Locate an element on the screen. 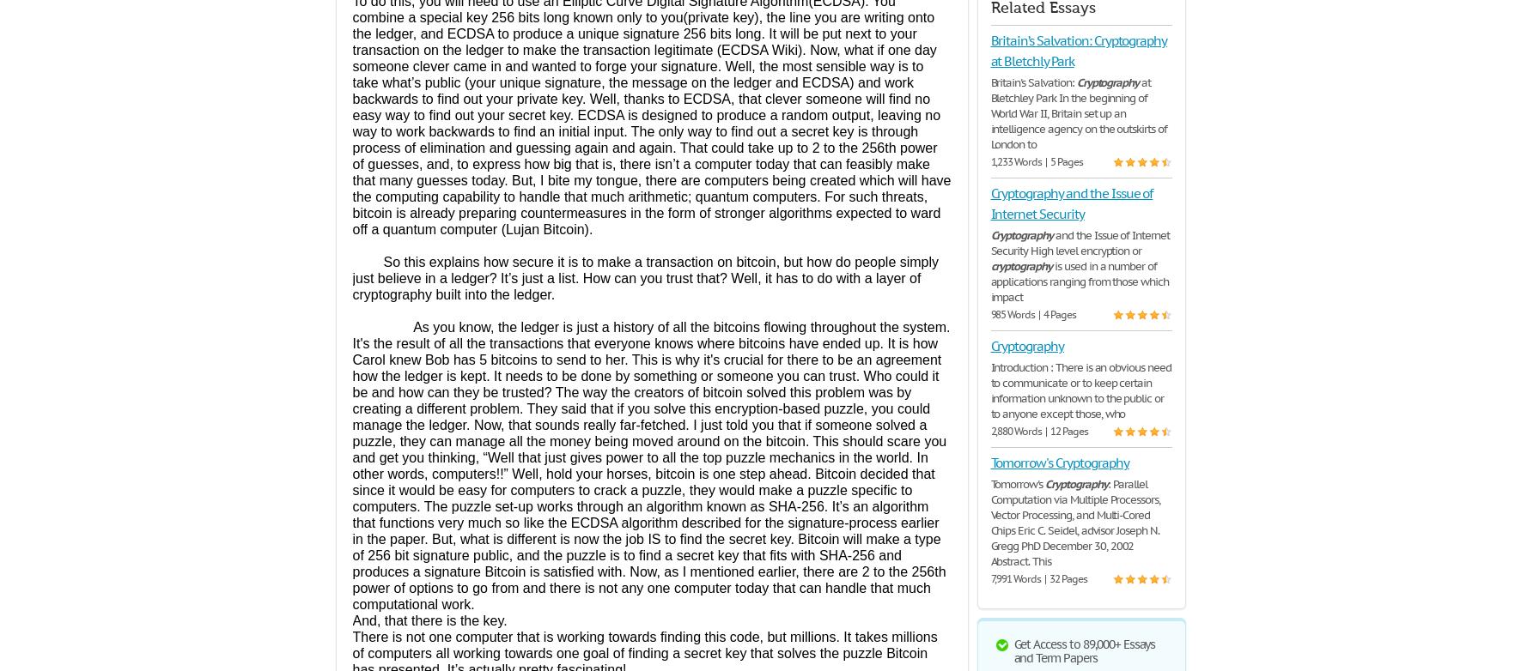 Image resolution: width=1521 pixels, height=671 pixels. ': Parallel Computation via Multiple Processors, Vector Processing, and Multi-Cored Chips Eric C. Seidel, advisor Joseph N. Gregg PhD December 30, 2002 Abstract. This' is located at coordinates (989, 522).